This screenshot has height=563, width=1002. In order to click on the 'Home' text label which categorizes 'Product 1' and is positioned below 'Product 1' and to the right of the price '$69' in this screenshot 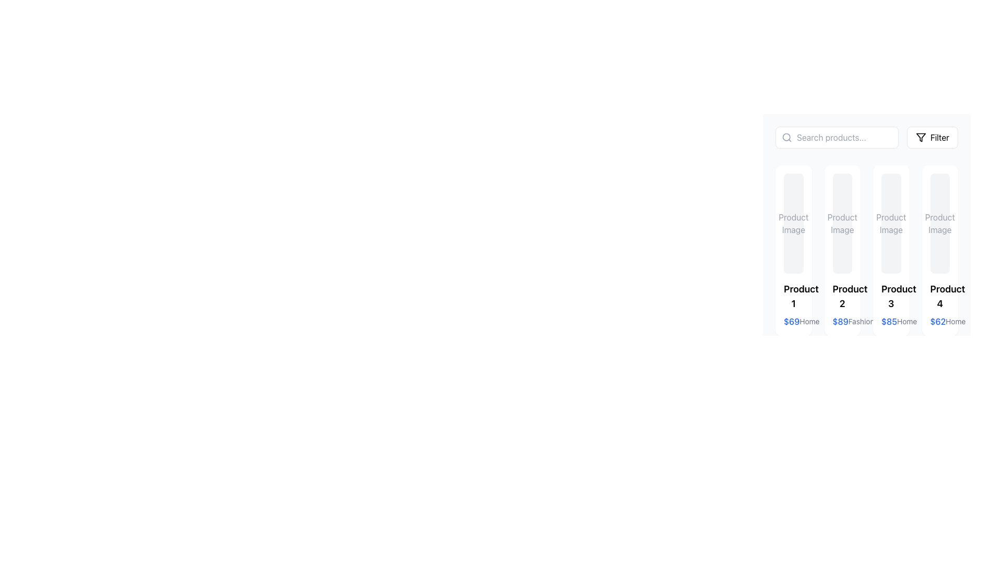, I will do `click(809, 321)`.